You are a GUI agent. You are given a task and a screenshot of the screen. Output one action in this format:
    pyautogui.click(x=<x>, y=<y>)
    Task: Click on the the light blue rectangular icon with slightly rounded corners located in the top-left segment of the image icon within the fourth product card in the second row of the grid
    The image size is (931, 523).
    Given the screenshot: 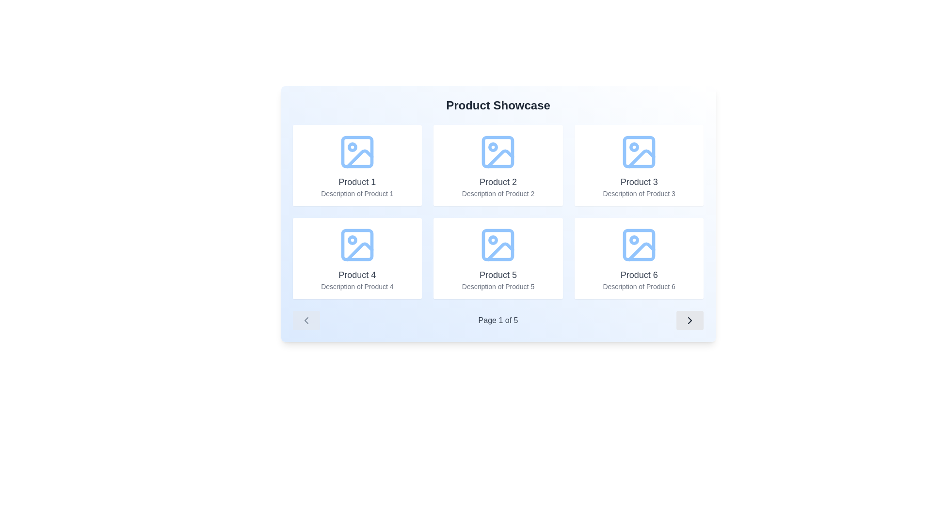 What is the action you would take?
    pyautogui.click(x=356, y=244)
    